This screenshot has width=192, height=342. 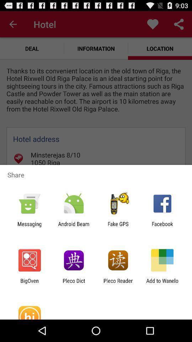 What do you see at coordinates (73, 227) in the screenshot?
I see `the icon to the left of the fake gps app` at bounding box center [73, 227].